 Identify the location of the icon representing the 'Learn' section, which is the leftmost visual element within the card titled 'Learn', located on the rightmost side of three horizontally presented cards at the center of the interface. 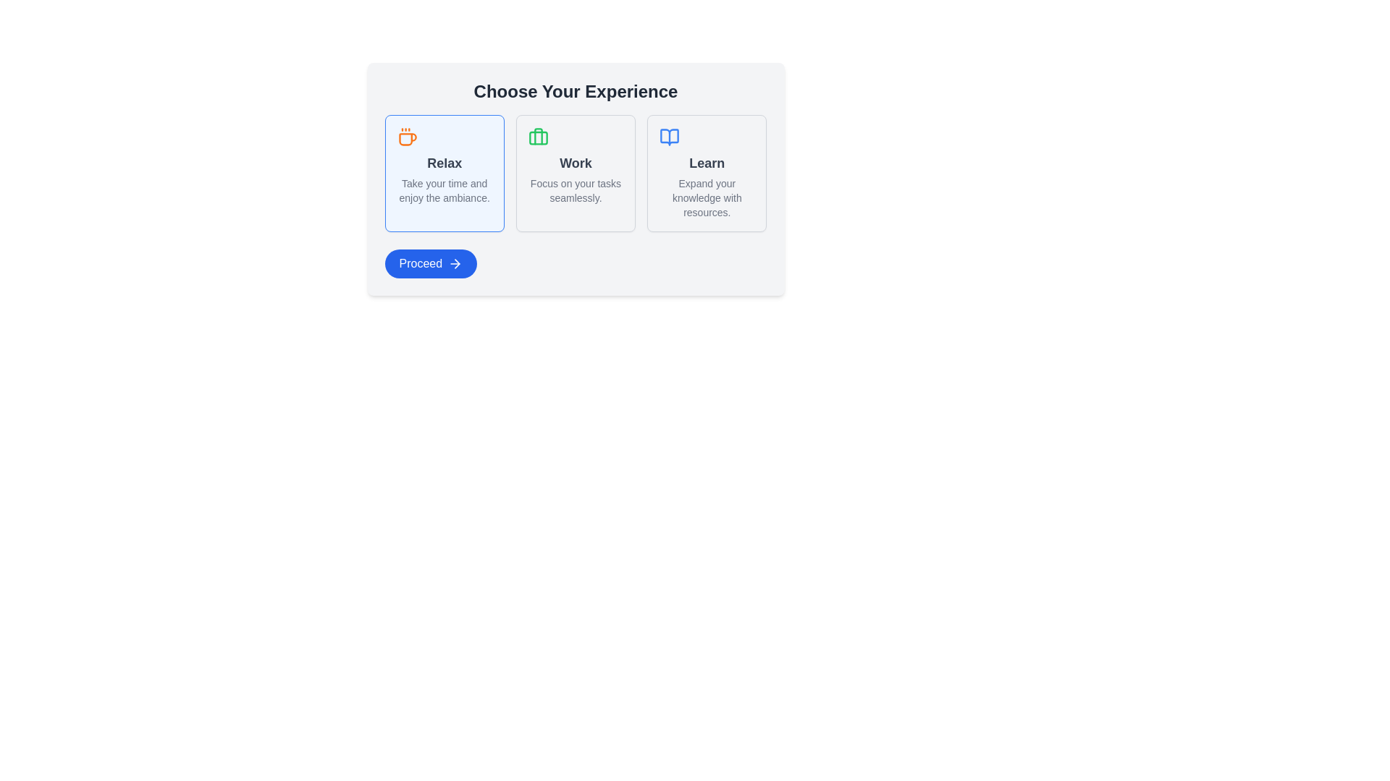
(707, 137).